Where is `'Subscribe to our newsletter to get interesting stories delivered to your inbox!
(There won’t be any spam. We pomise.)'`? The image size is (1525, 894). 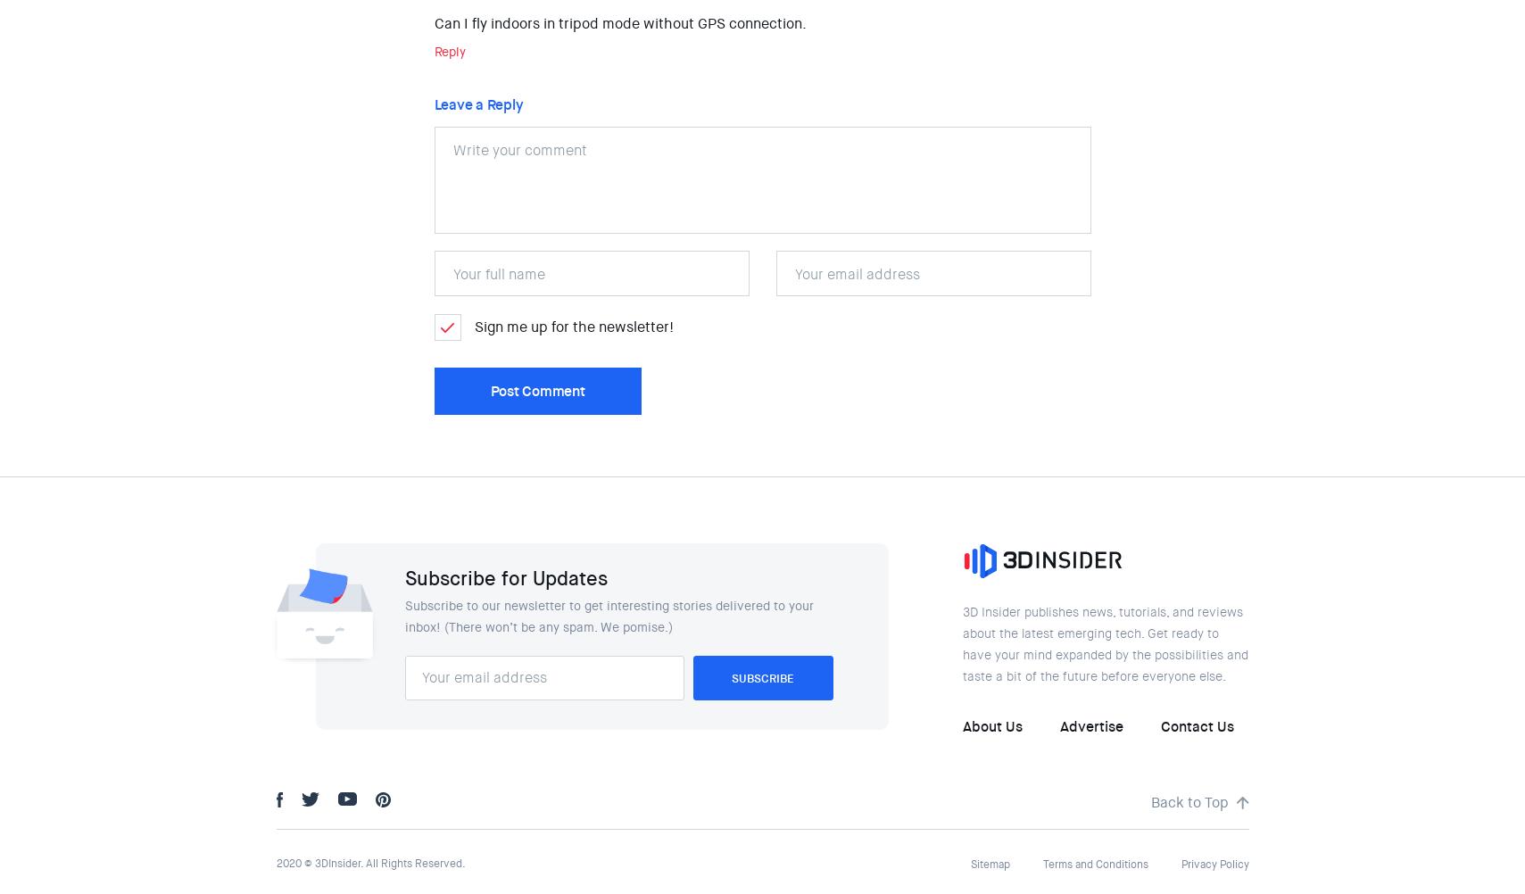
'Subscribe to our newsletter to get interesting stories delivered to your inbox!
(There won’t be any spam. We pomise.)' is located at coordinates (608, 616).